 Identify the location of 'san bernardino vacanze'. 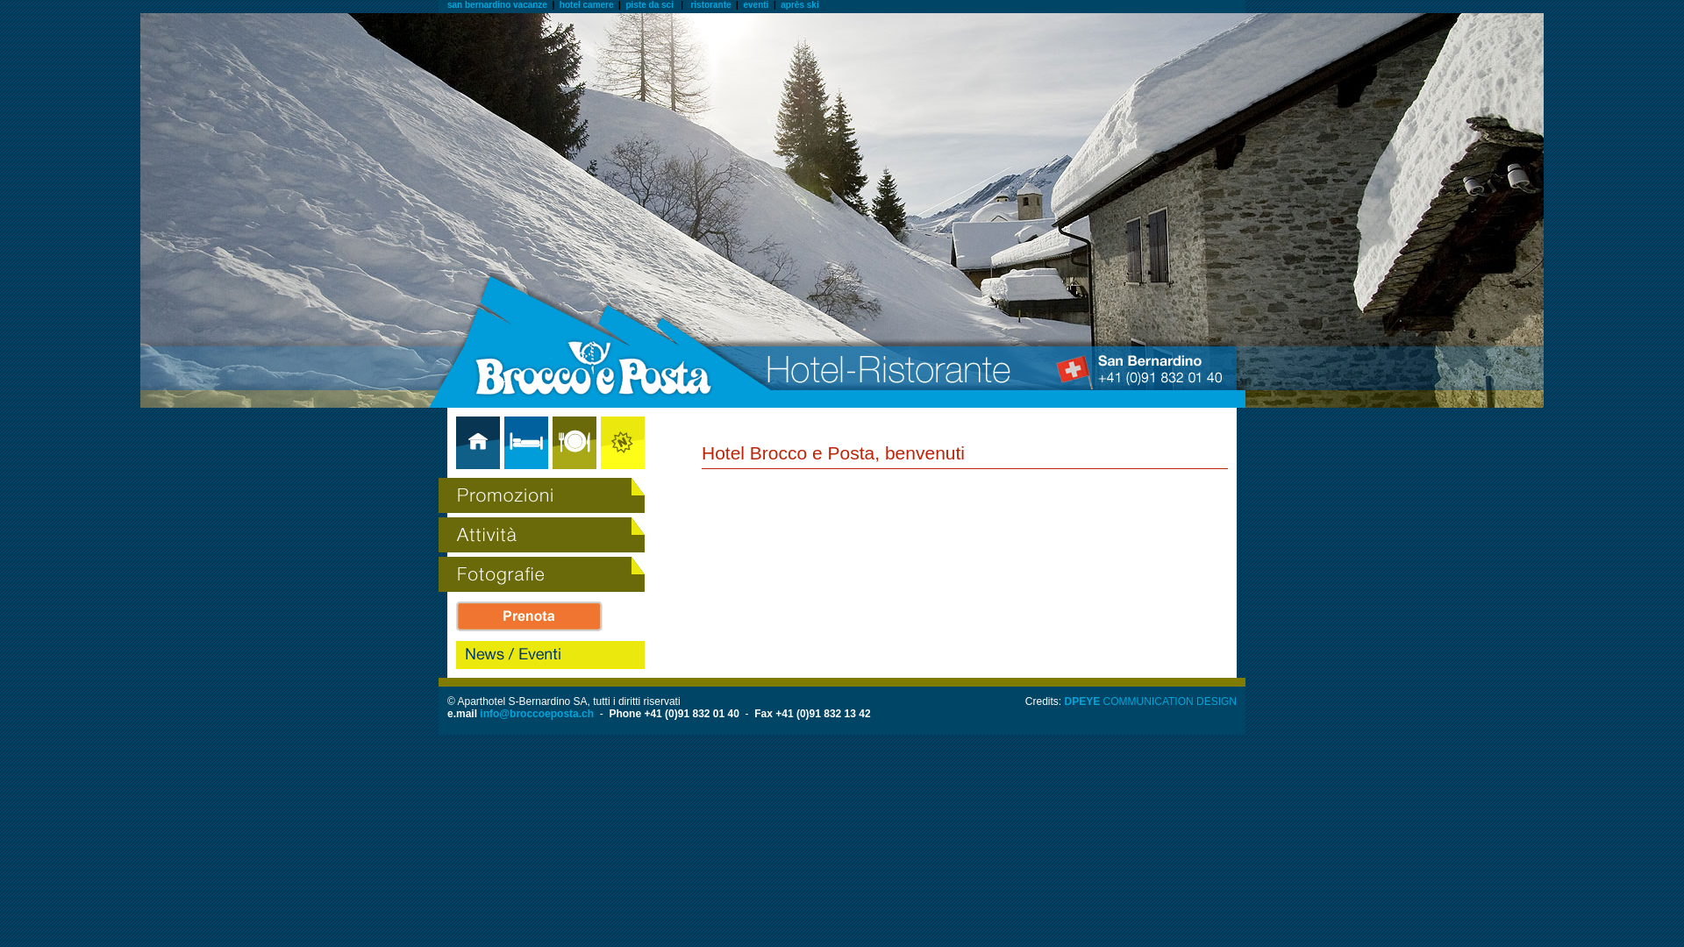
(446, 4).